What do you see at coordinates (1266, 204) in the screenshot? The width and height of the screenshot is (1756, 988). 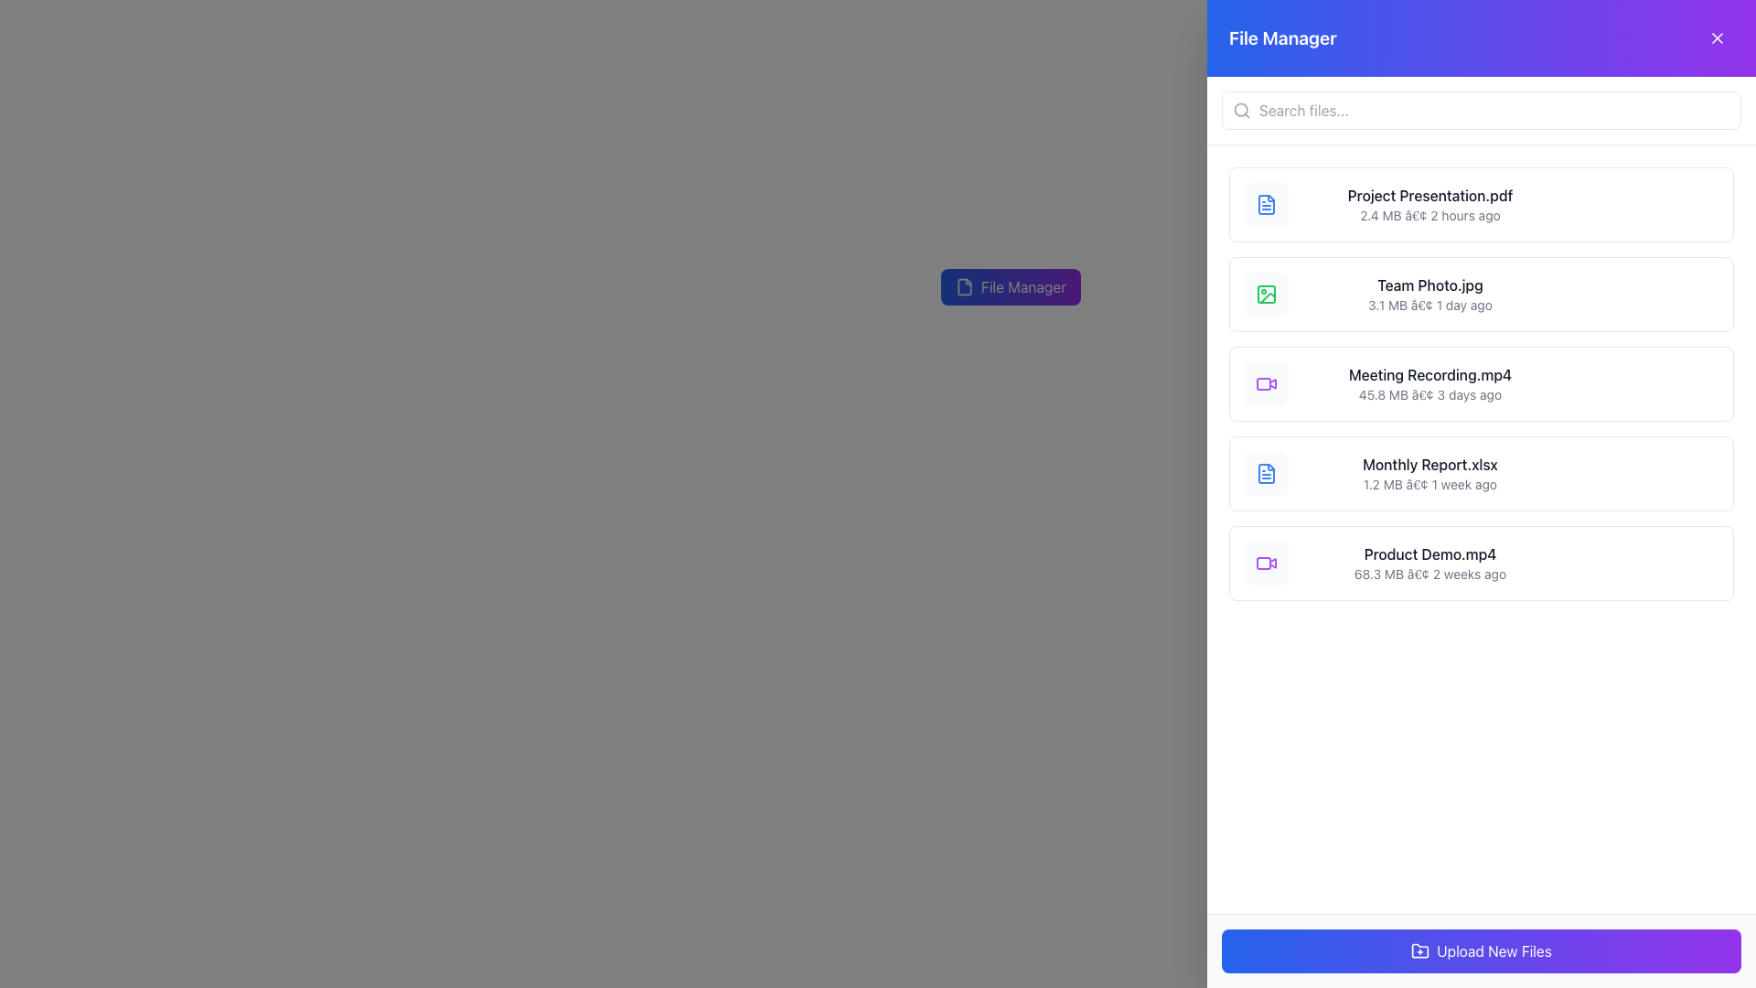 I see `the document file icon located at the top of the vertical list in the file manager, which represents 'Project Presentation.pdf'` at bounding box center [1266, 204].